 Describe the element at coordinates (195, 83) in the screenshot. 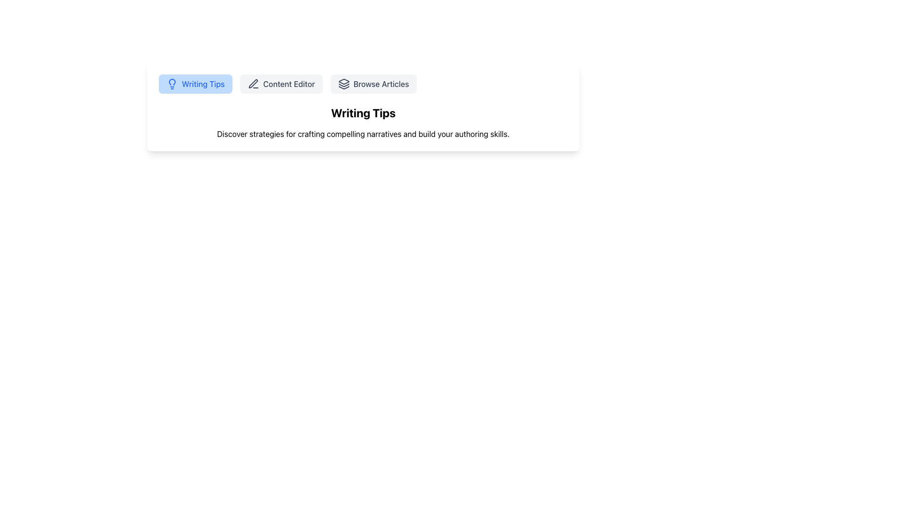

I see `the 'Writing Tips' button, which has a light blue background and a lightbulb icon` at that location.